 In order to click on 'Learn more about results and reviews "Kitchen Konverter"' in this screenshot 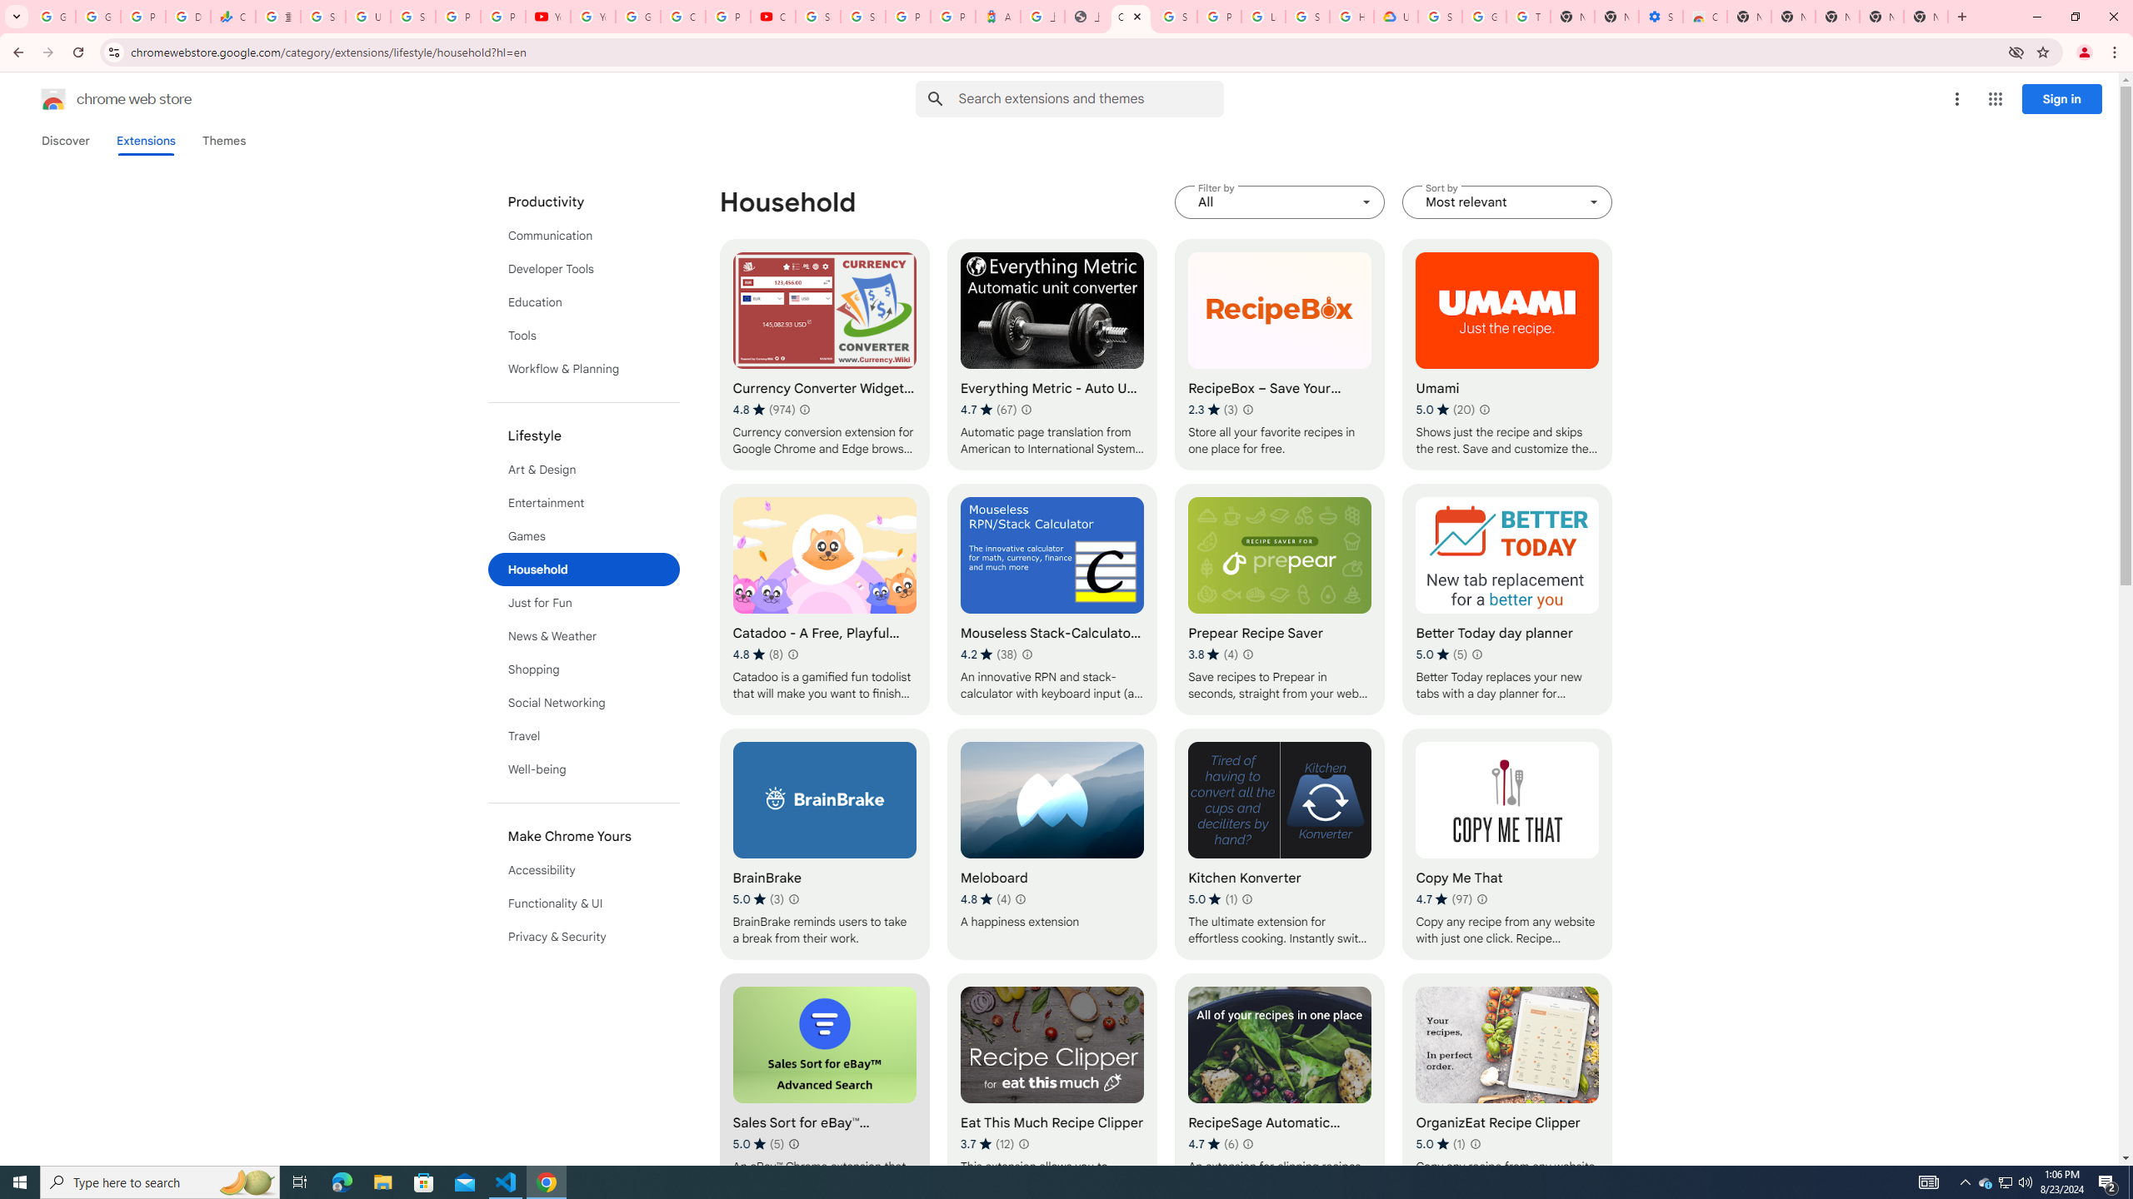, I will do `click(1246, 899)`.